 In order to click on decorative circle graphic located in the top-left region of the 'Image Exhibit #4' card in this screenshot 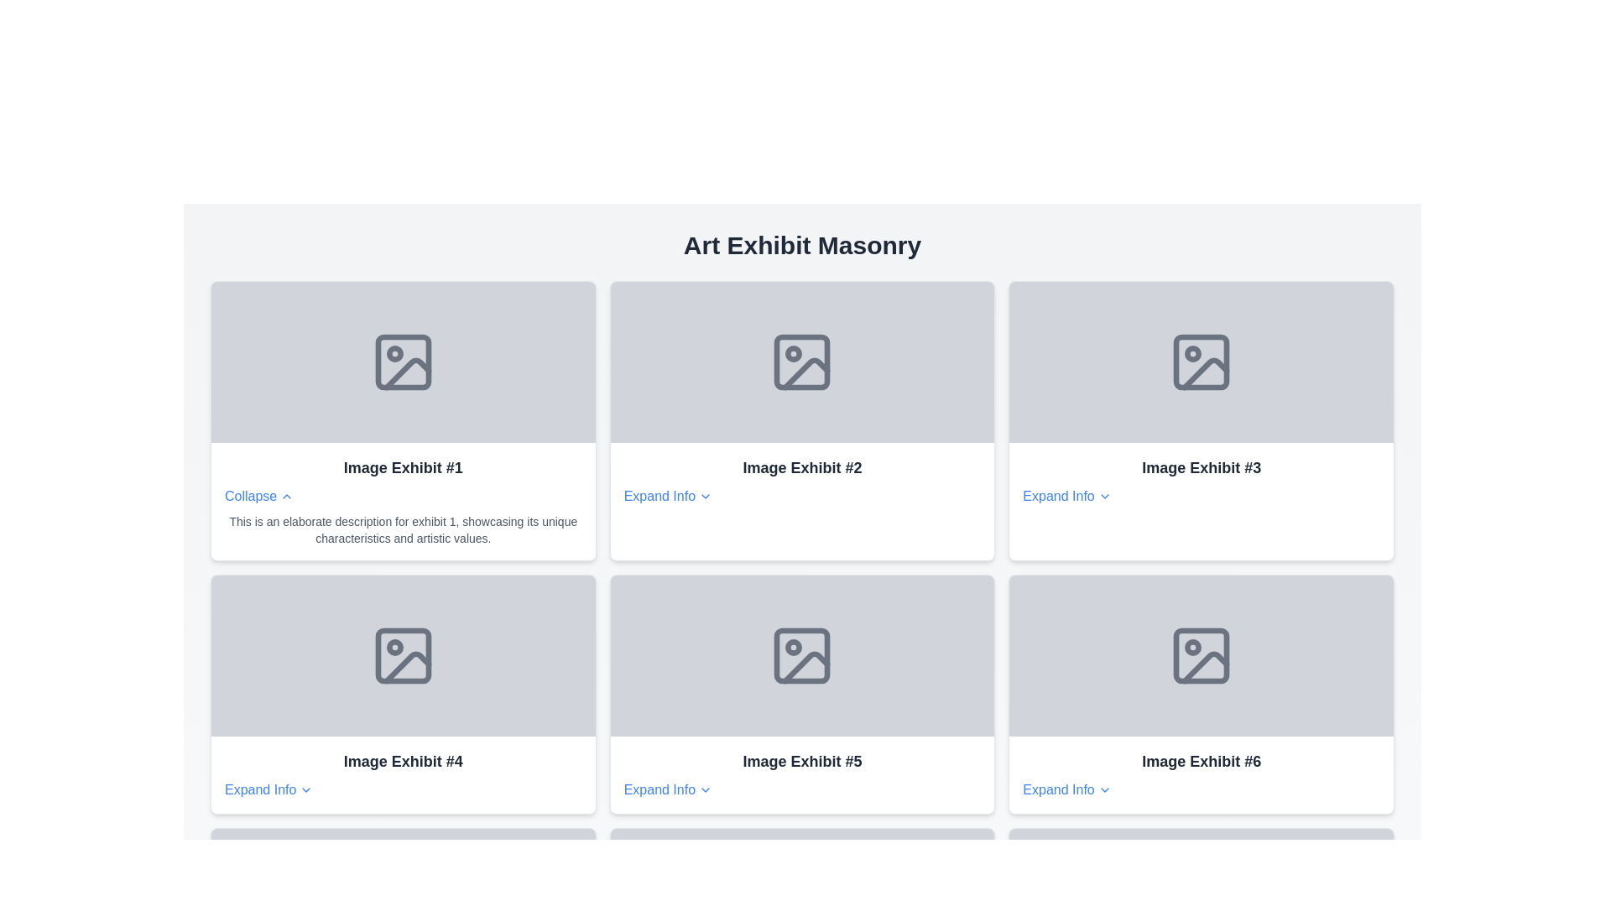, I will do `click(394, 646)`.